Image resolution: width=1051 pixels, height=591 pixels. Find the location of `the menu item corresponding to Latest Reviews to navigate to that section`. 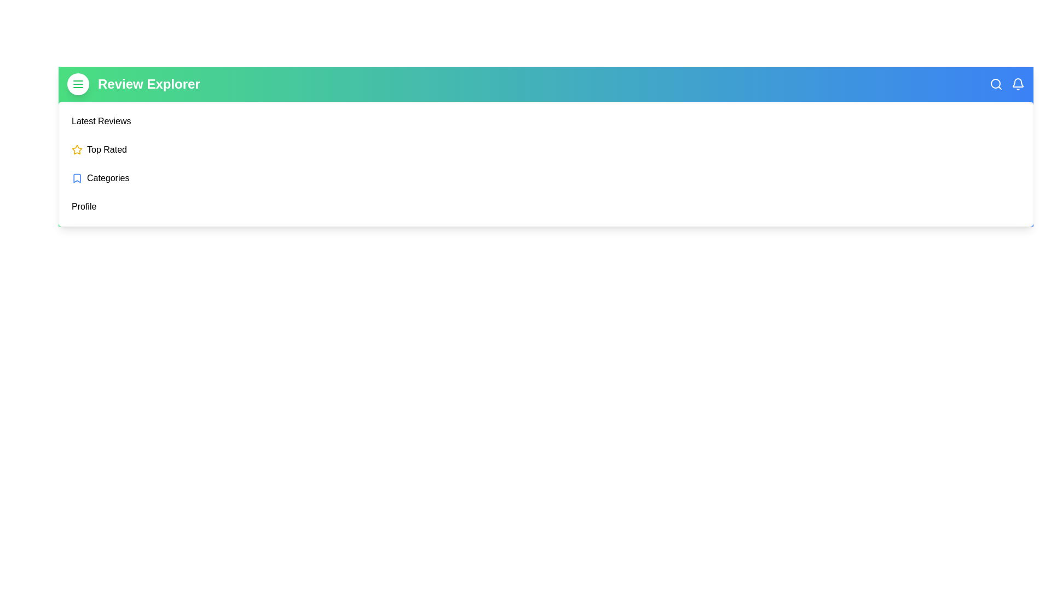

the menu item corresponding to Latest Reviews to navigate to that section is located at coordinates (101, 121).